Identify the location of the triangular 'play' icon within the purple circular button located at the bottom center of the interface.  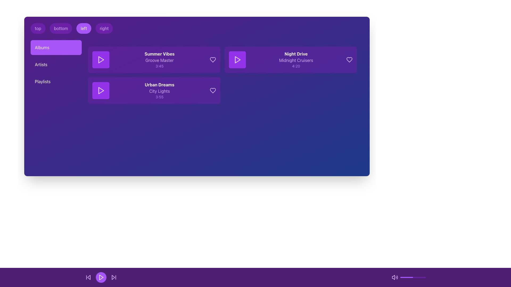
(101, 277).